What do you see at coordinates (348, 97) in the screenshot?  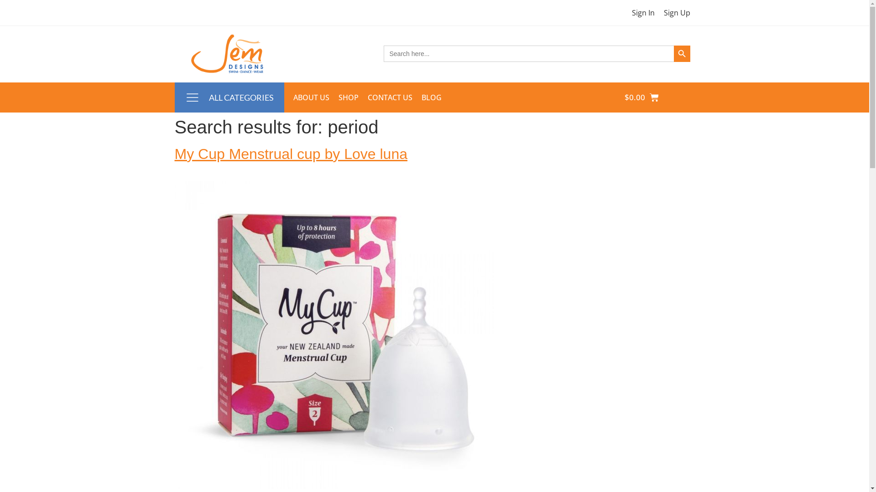 I see `'SHOP'` at bounding box center [348, 97].